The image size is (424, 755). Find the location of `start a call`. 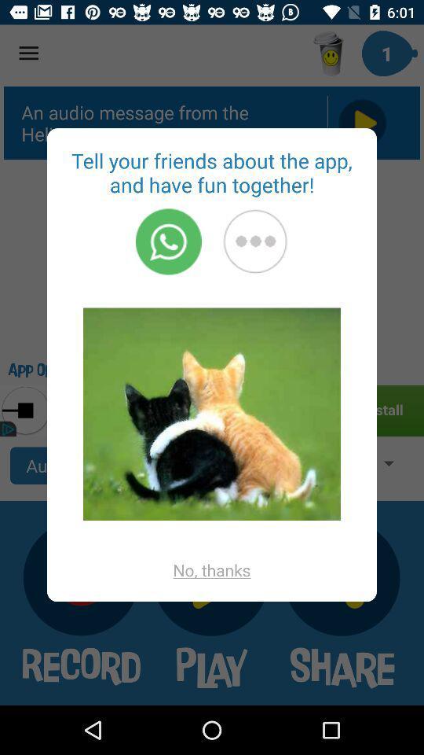

start a call is located at coordinates (167, 241).